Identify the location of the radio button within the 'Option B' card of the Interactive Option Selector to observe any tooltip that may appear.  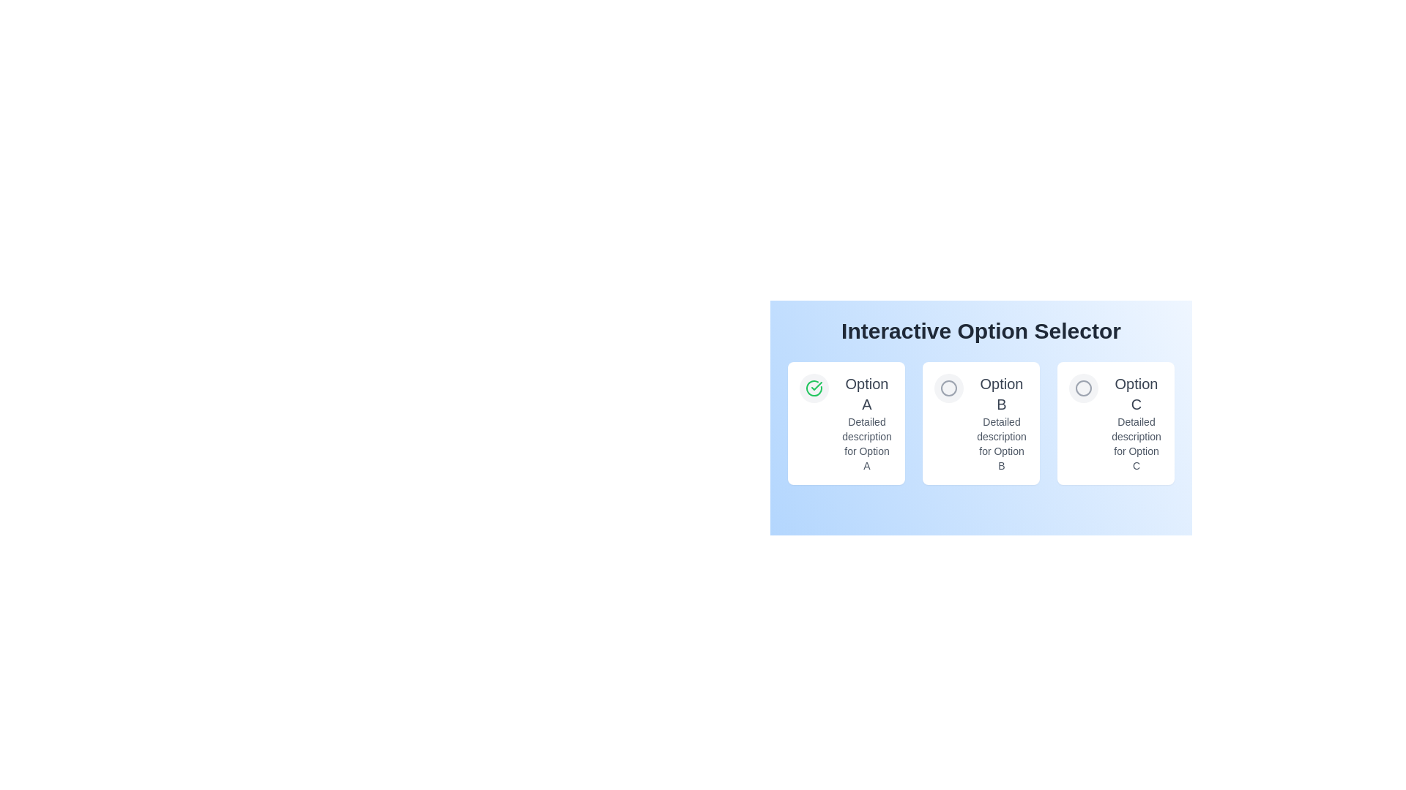
(949, 388).